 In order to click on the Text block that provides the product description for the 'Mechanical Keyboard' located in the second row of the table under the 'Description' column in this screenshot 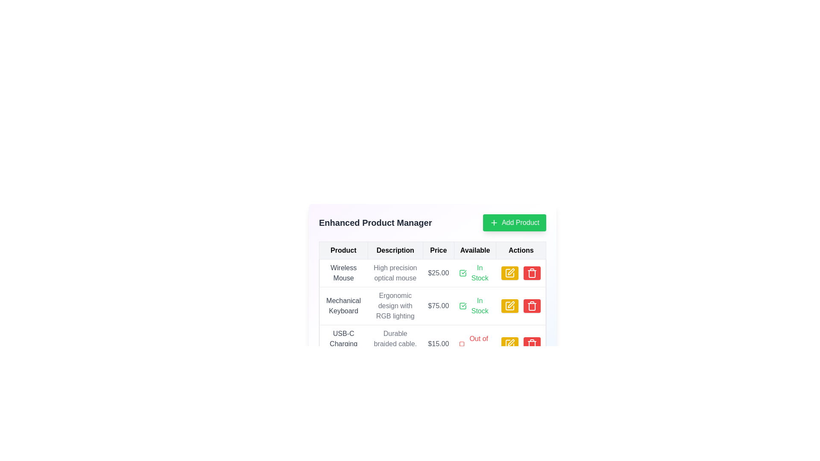, I will do `click(395, 306)`.